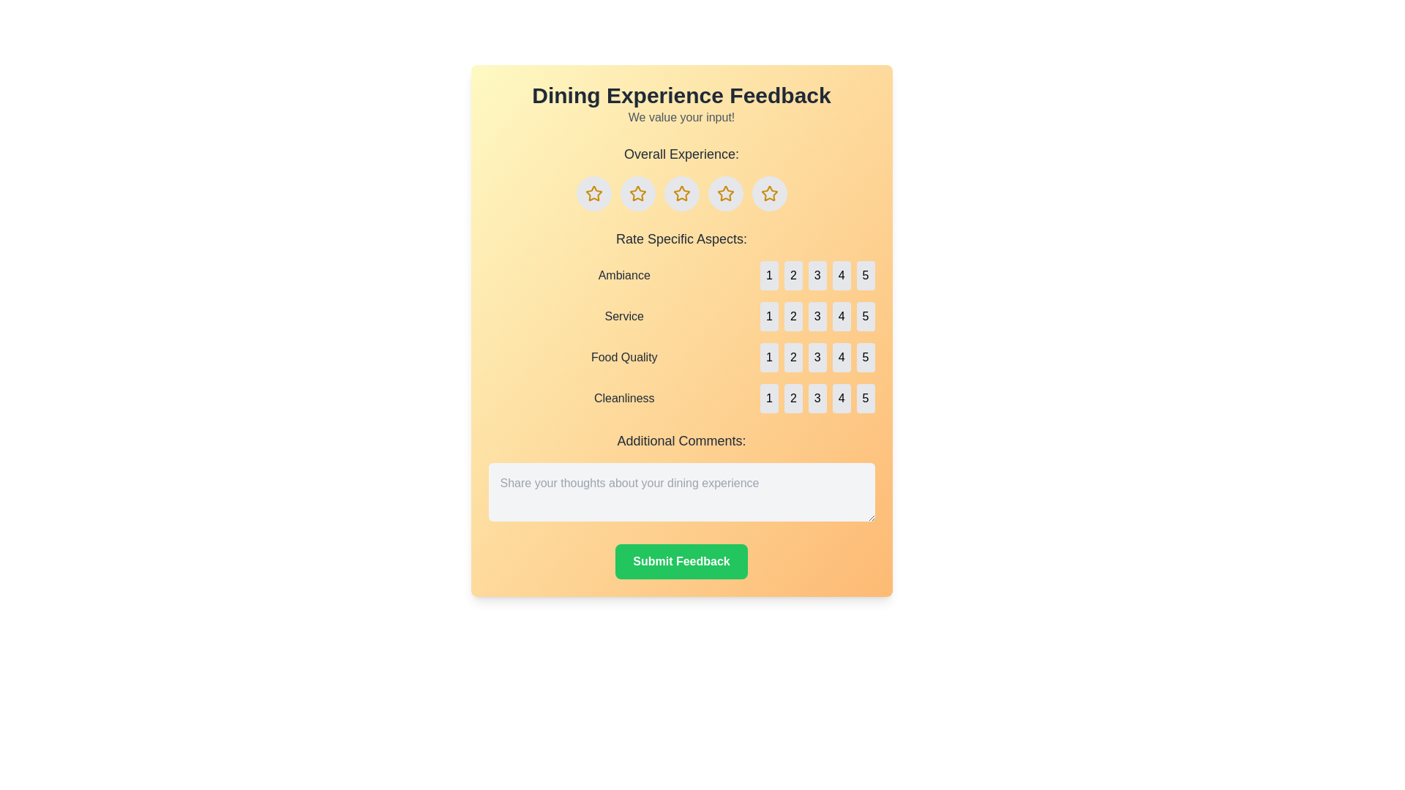 The image size is (1405, 790). I want to click on the text label that displays 'Service' in a medium-weight, gray-colored font on a light orange background, positioned in the middle left section of the interface, so click(624, 315).